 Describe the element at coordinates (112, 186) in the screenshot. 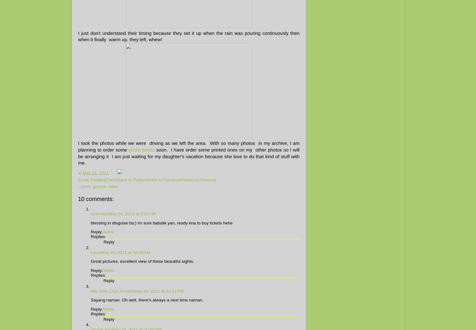

I see `'rides'` at that location.